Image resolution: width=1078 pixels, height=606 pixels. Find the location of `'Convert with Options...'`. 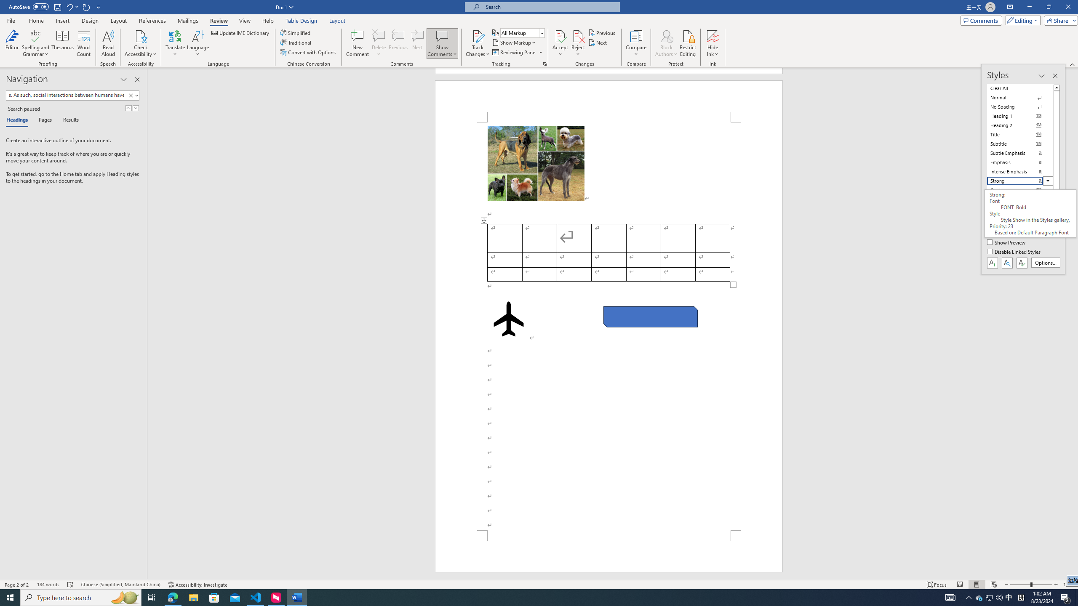

'Convert with Options...' is located at coordinates (309, 51).